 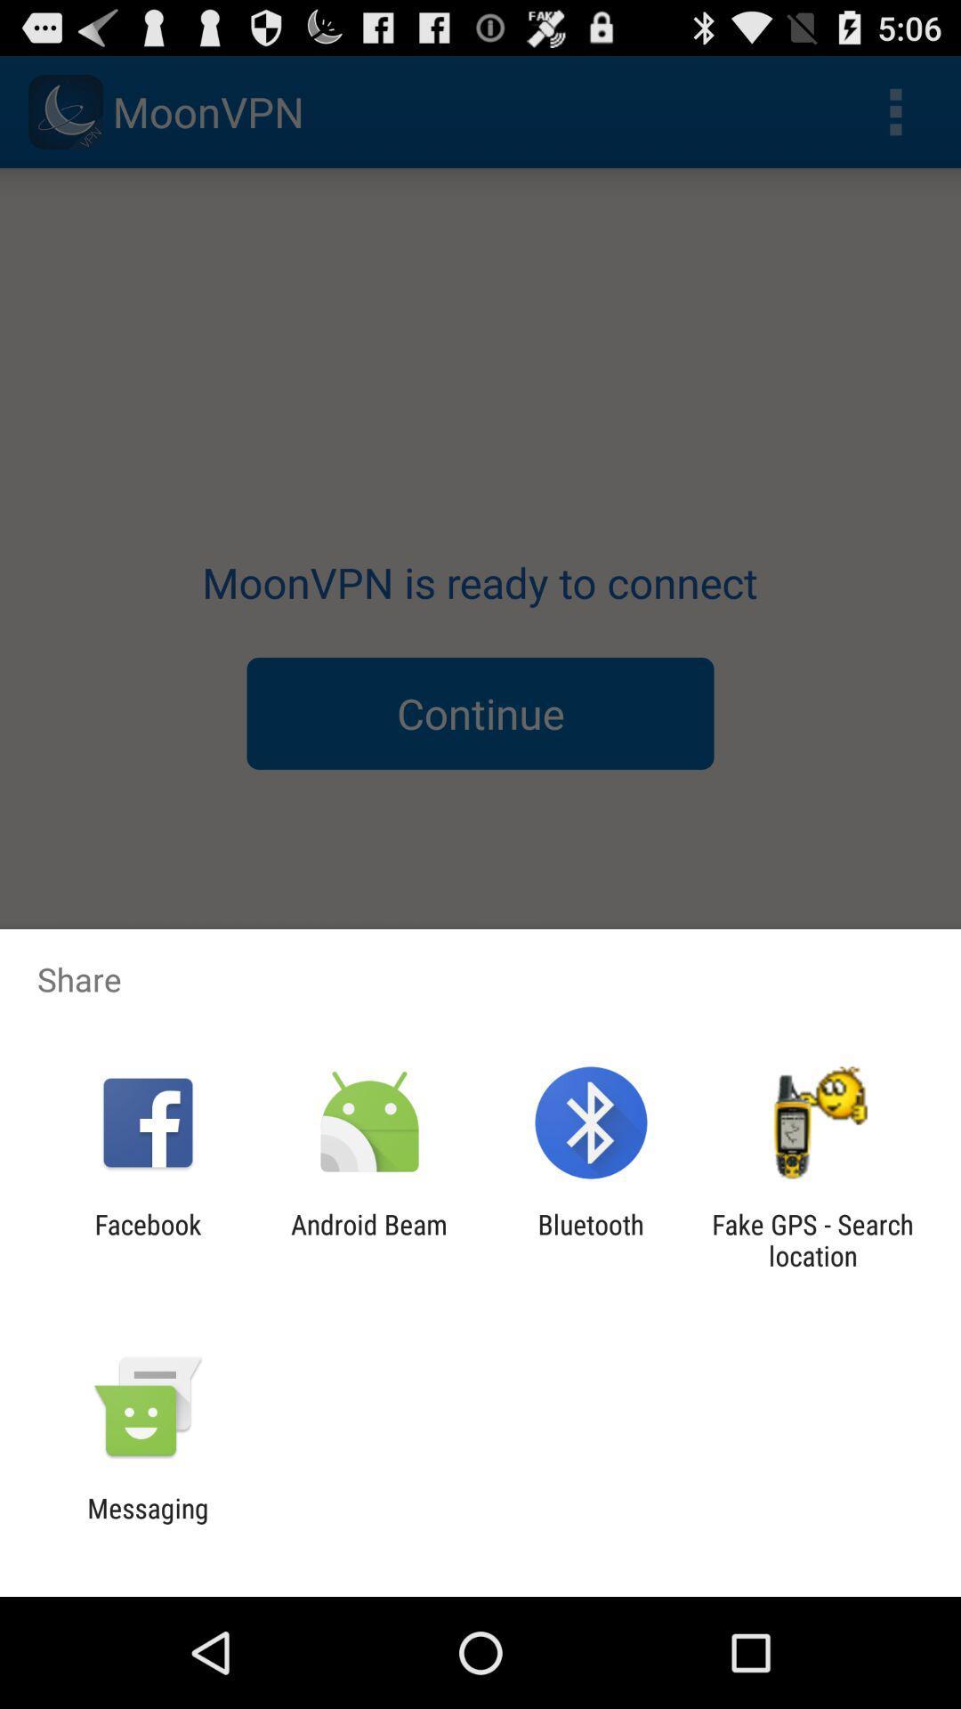 What do you see at coordinates (812, 1239) in the screenshot?
I see `the item at the bottom right corner` at bounding box center [812, 1239].